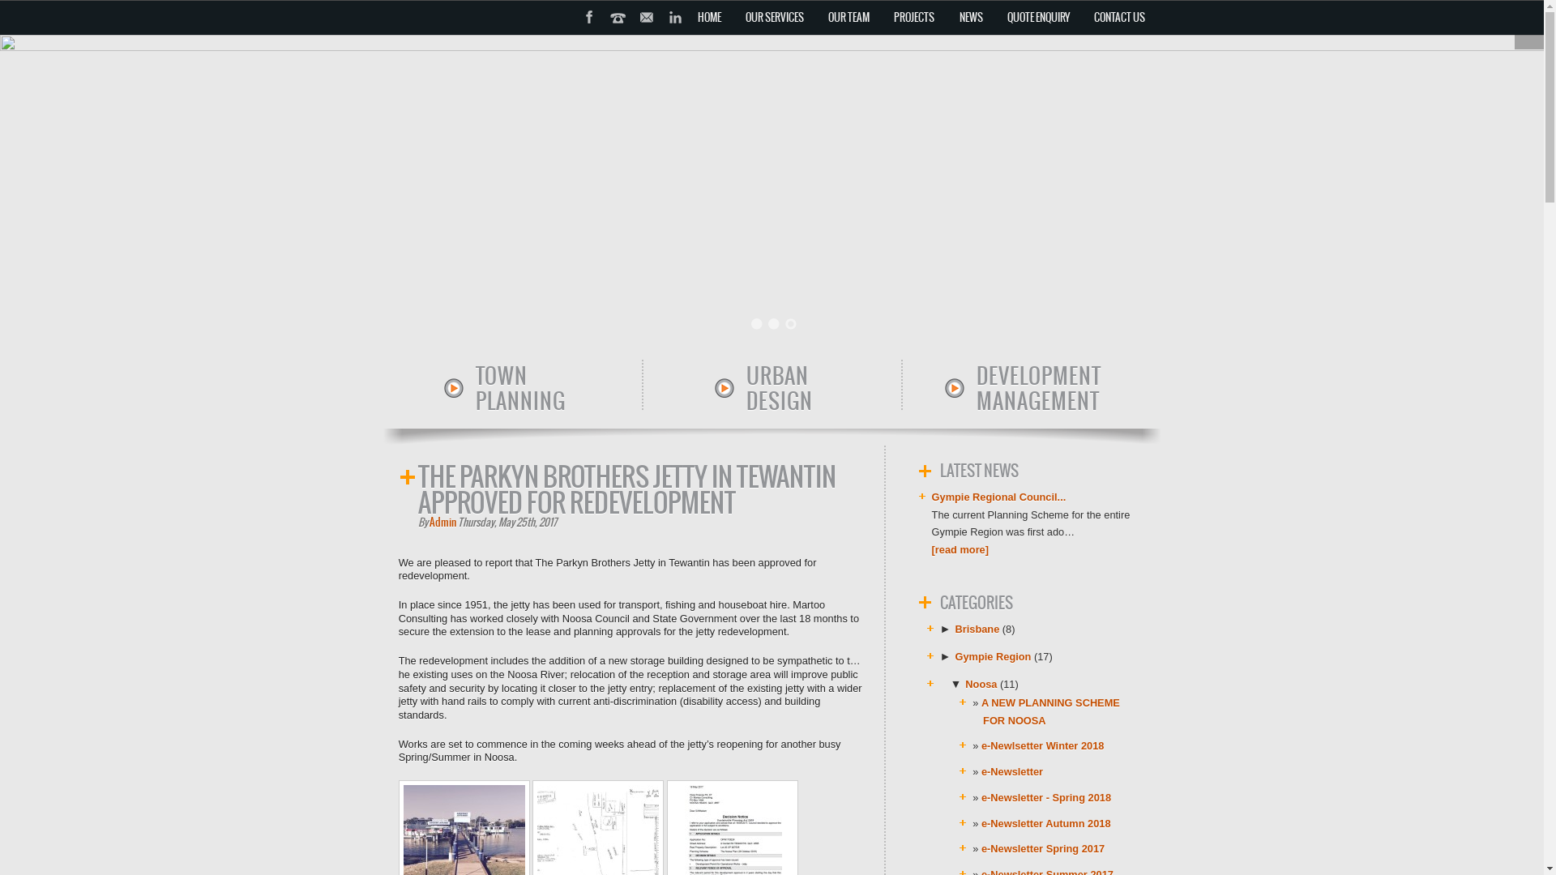  I want to click on 'e-Newlsetter Winter 2018', so click(1042, 745).